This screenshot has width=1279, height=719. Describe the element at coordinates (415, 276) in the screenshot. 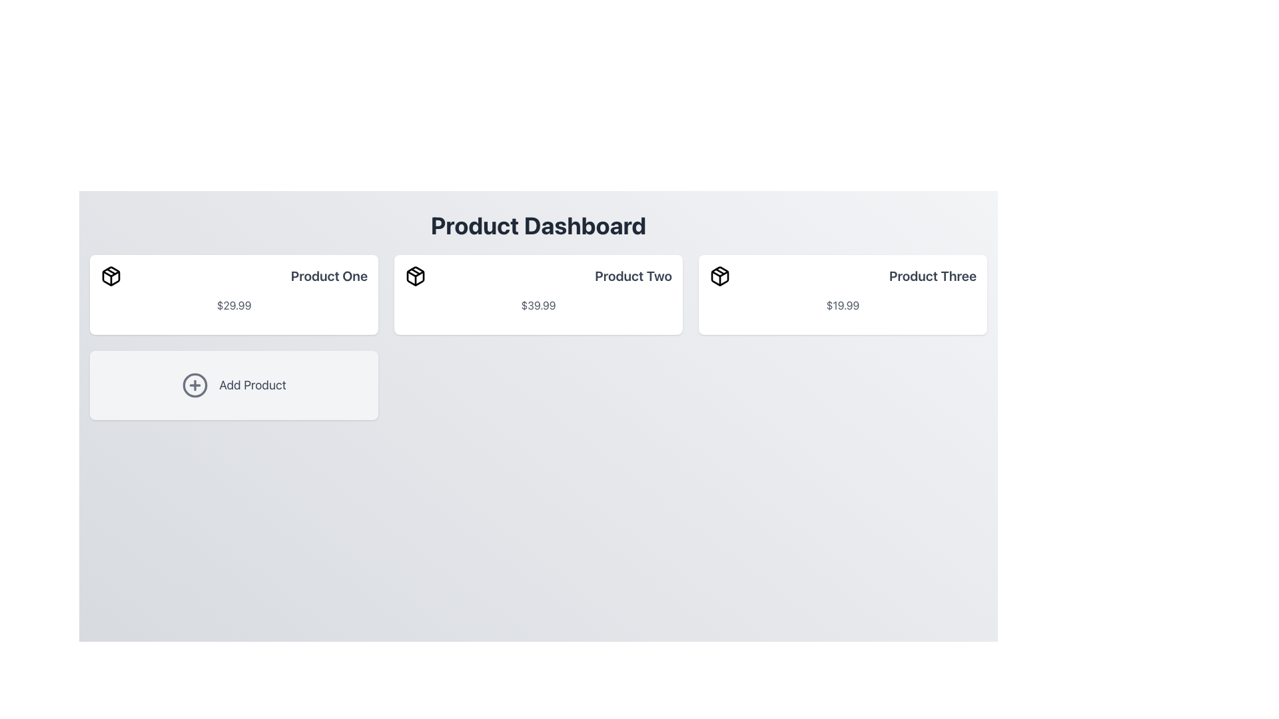

I see `the icon representing 'Product Two' located in the top-left corner of the 'Product Two' card` at that location.